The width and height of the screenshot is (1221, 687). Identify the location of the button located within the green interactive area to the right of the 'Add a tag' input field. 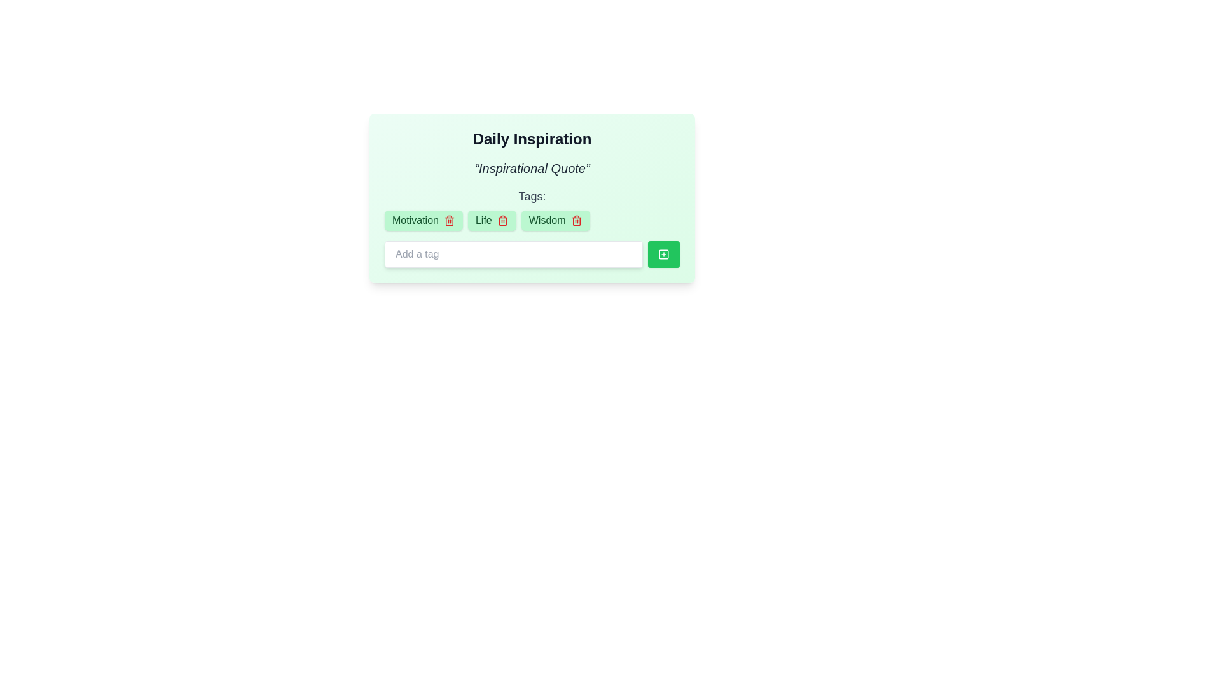
(663, 254).